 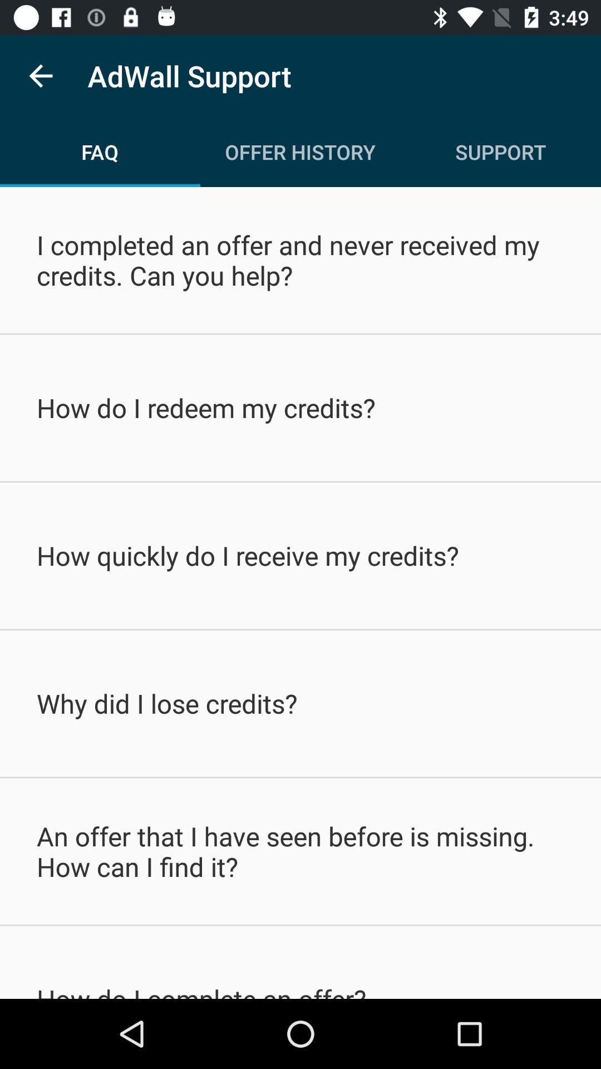 I want to click on why did i item, so click(x=300, y=703).